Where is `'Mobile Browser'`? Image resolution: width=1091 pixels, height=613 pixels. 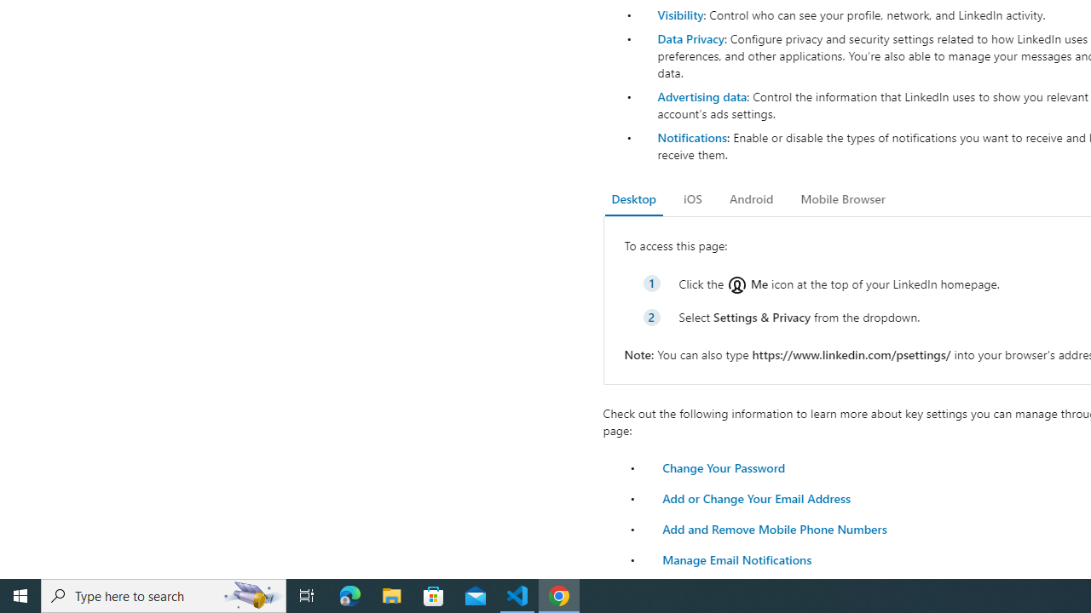 'Mobile Browser' is located at coordinates (842, 198).